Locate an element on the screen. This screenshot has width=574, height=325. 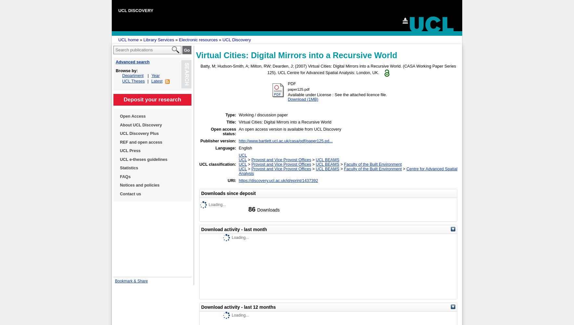
'PDF' is located at coordinates (287, 84).